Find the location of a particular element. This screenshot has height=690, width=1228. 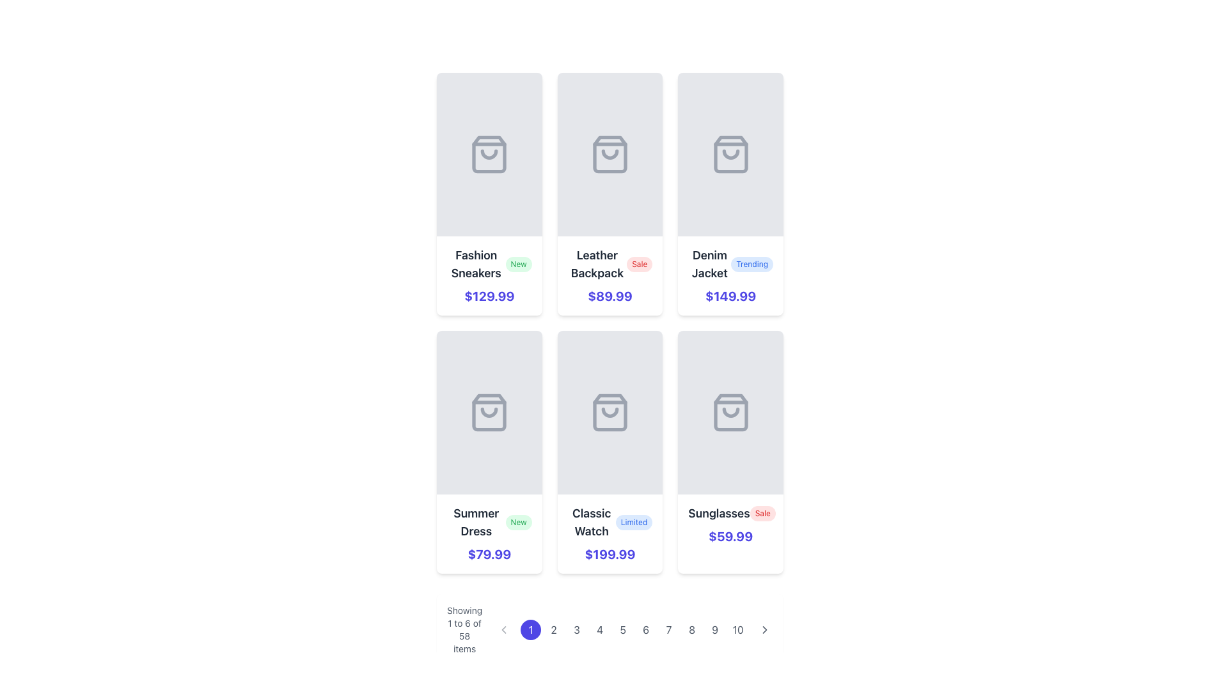

text from the small, rounded badge with a light green background and green text reading 'New', located at the top-right corner of the 'Fashion Sneakers' item card is located at coordinates (519, 263).